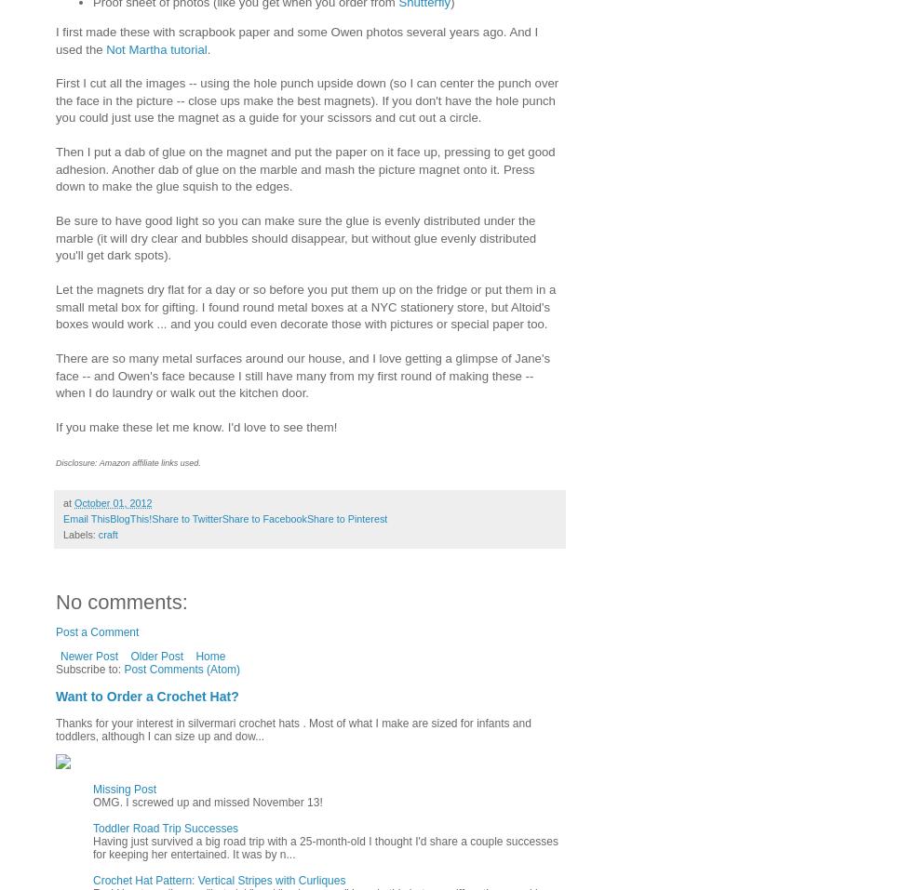  Describe the element at coordinates (291, 729) in the screenshot. I see `'Thanks for your interest in silvermari crochet hats . Most of what I make are sized for infants and toddlers, although I can size up and dow...'` at that location.